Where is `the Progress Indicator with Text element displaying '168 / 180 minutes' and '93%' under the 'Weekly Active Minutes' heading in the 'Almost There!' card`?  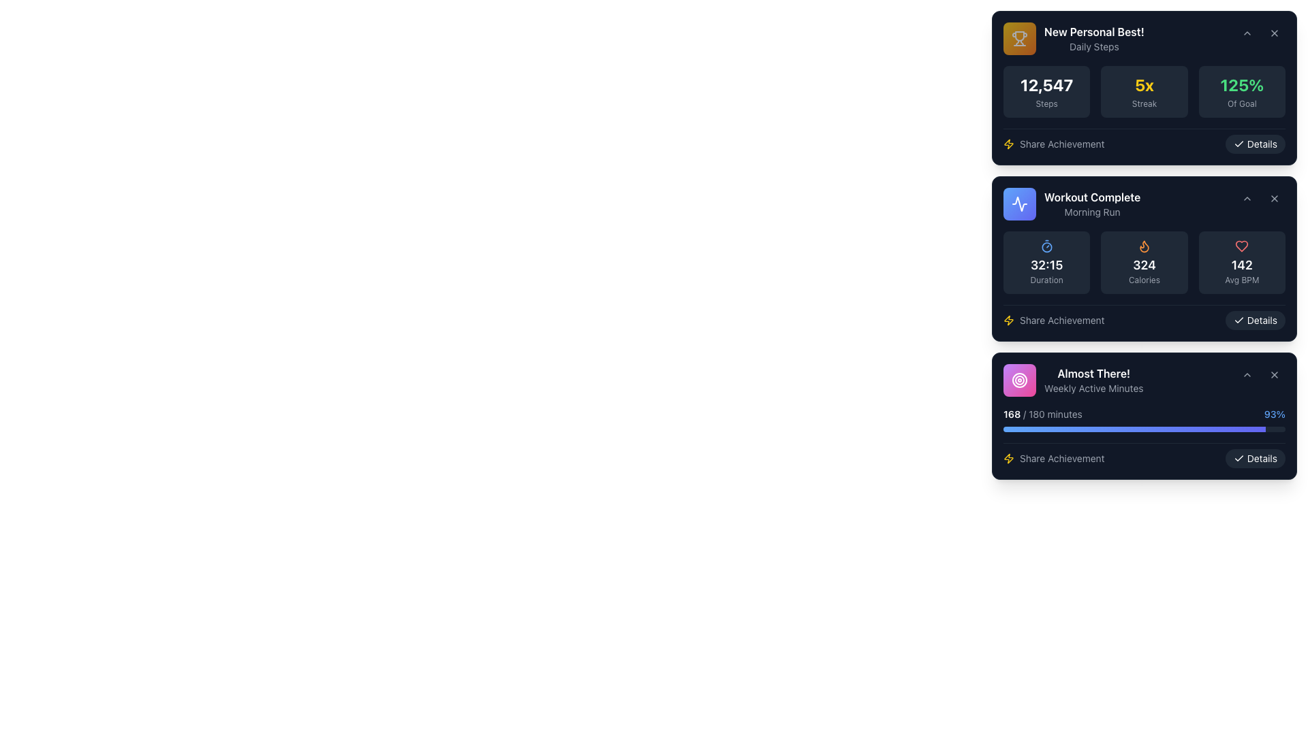
the Progress Indicator with Text element displaying '168 / 180 minutes' and '93%' under the 'Weekly Active Minutes' heading in the 'Almost There!' card is located at coordinates (1144, 419).